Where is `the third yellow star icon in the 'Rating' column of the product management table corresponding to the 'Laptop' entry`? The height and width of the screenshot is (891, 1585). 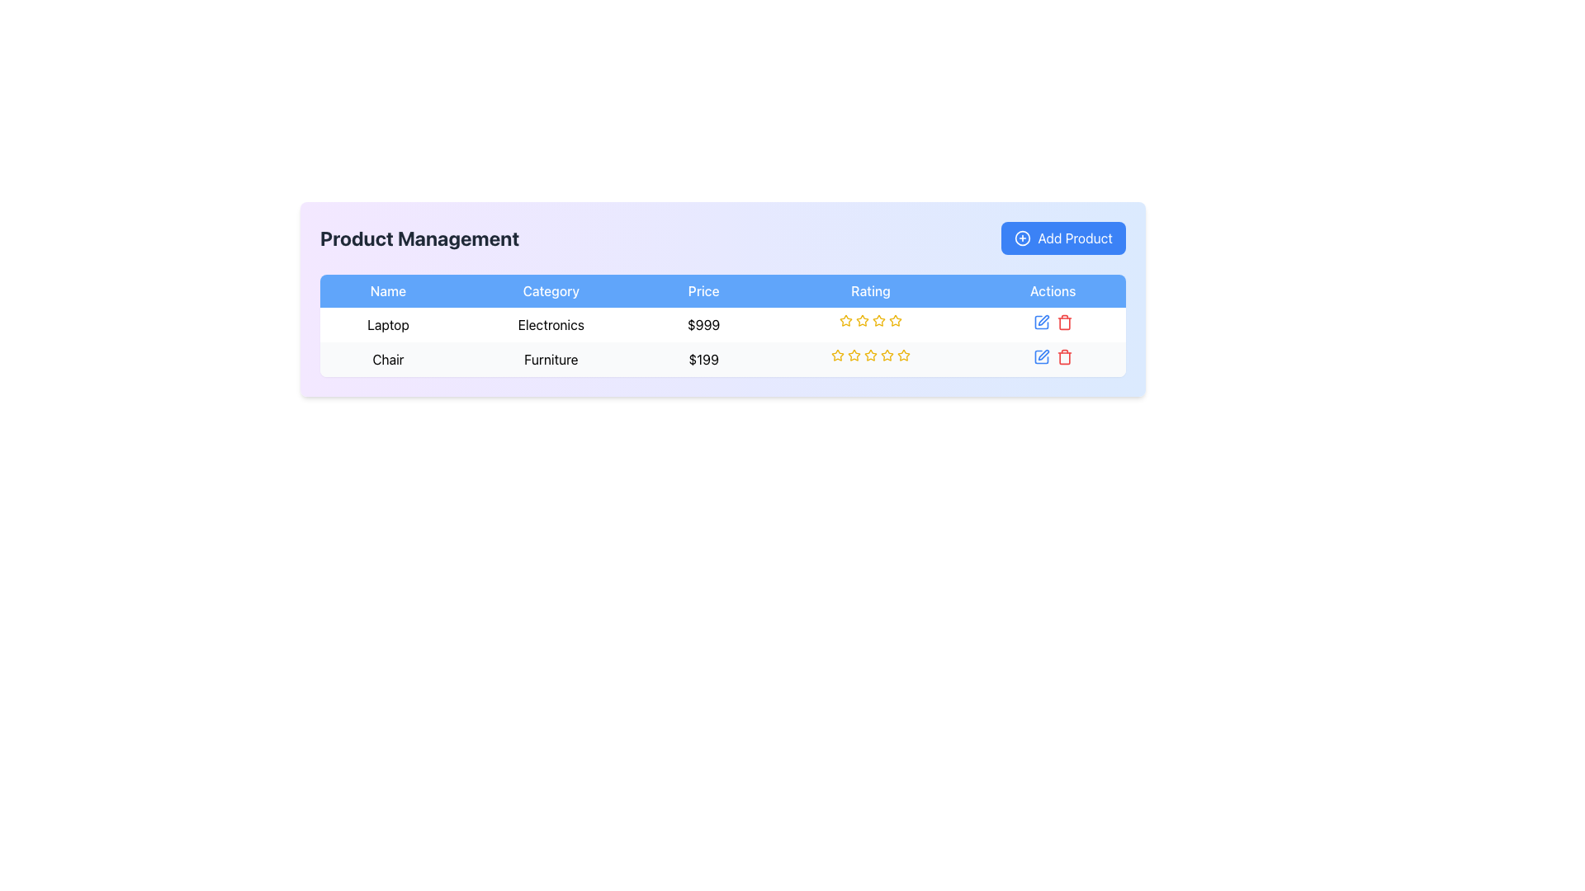 the third yellow star icon in the 'Rating' column of the product management table corresponding to the 'Laptop' entry is located at coordinates (862, 321).